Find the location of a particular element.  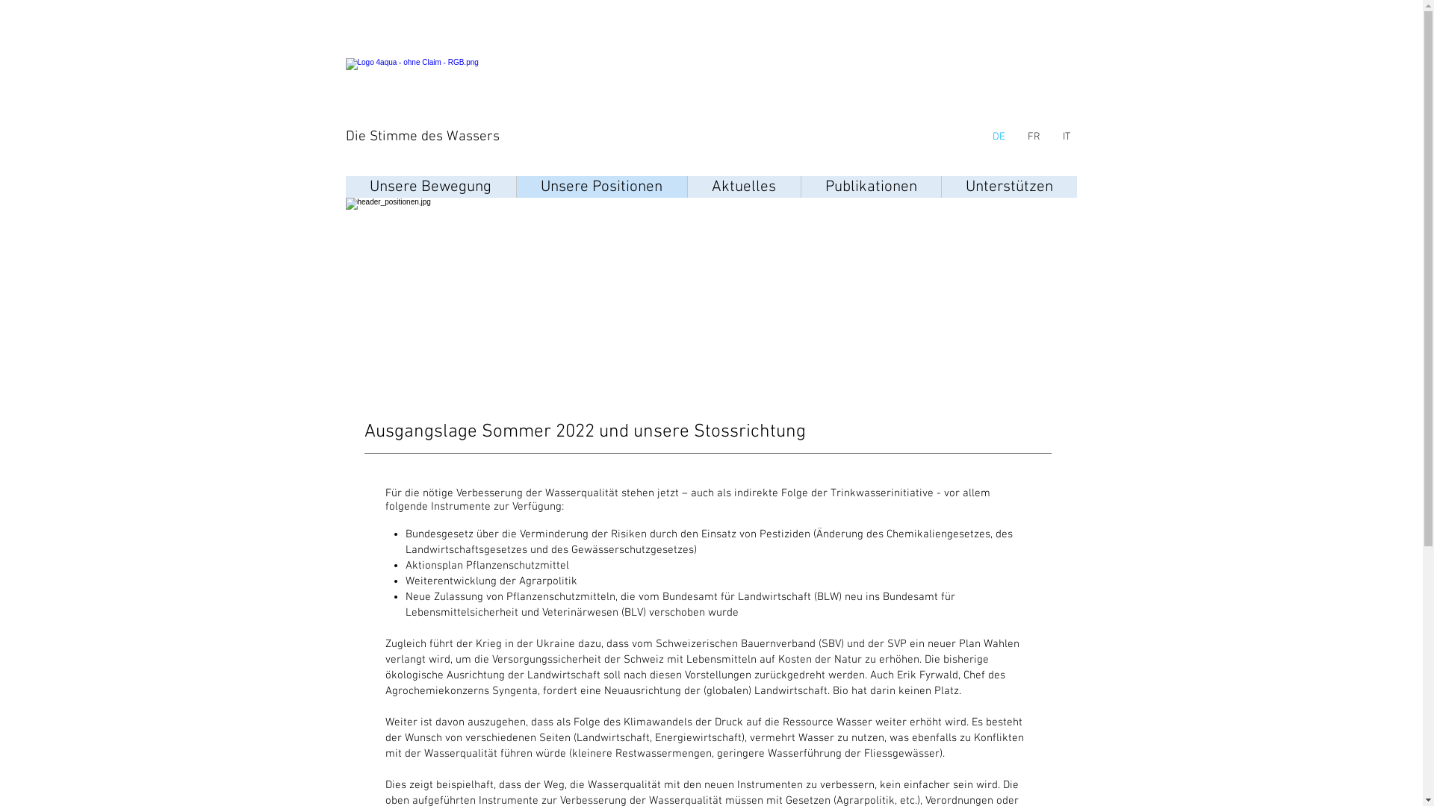

'Die Stimme des Wassers' is located at coordinates (421, 137).